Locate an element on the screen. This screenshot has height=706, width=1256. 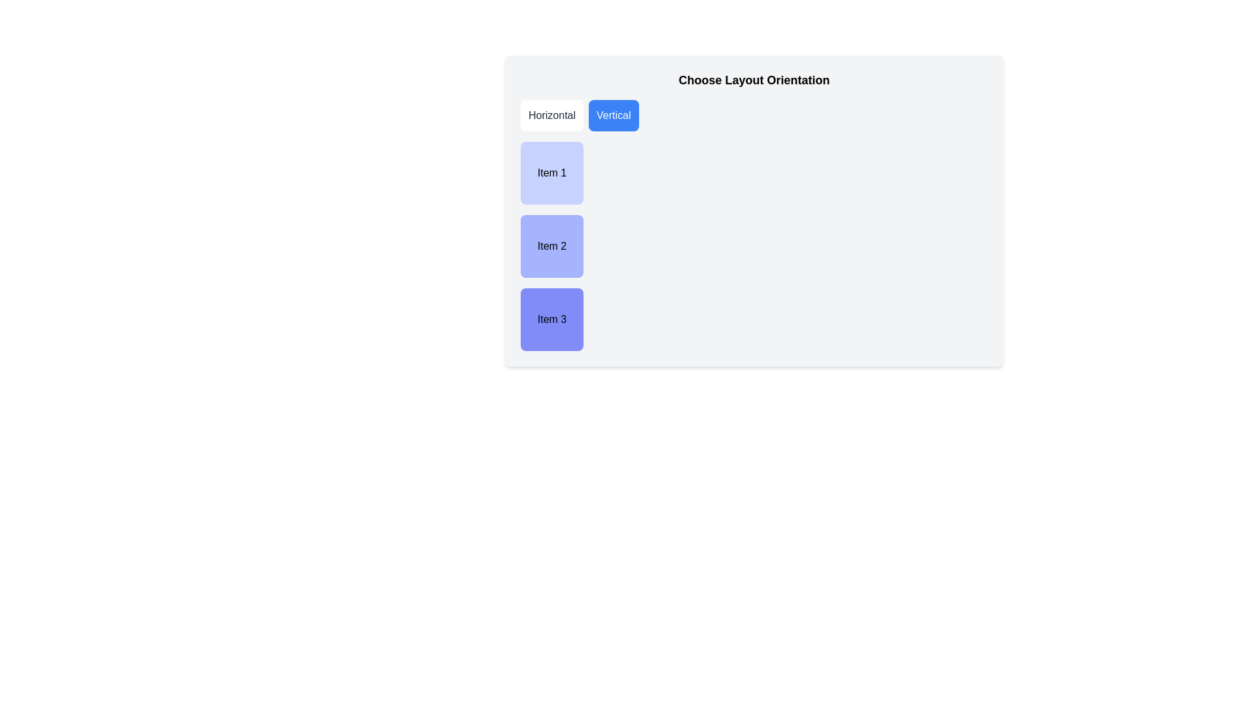
the square-shaped button labeled 'Item 1' with a light indigo background and rounded rectangular border, located below the 'Horizontal' and 'Vertical' buttons is located at coordinates (552, 173).